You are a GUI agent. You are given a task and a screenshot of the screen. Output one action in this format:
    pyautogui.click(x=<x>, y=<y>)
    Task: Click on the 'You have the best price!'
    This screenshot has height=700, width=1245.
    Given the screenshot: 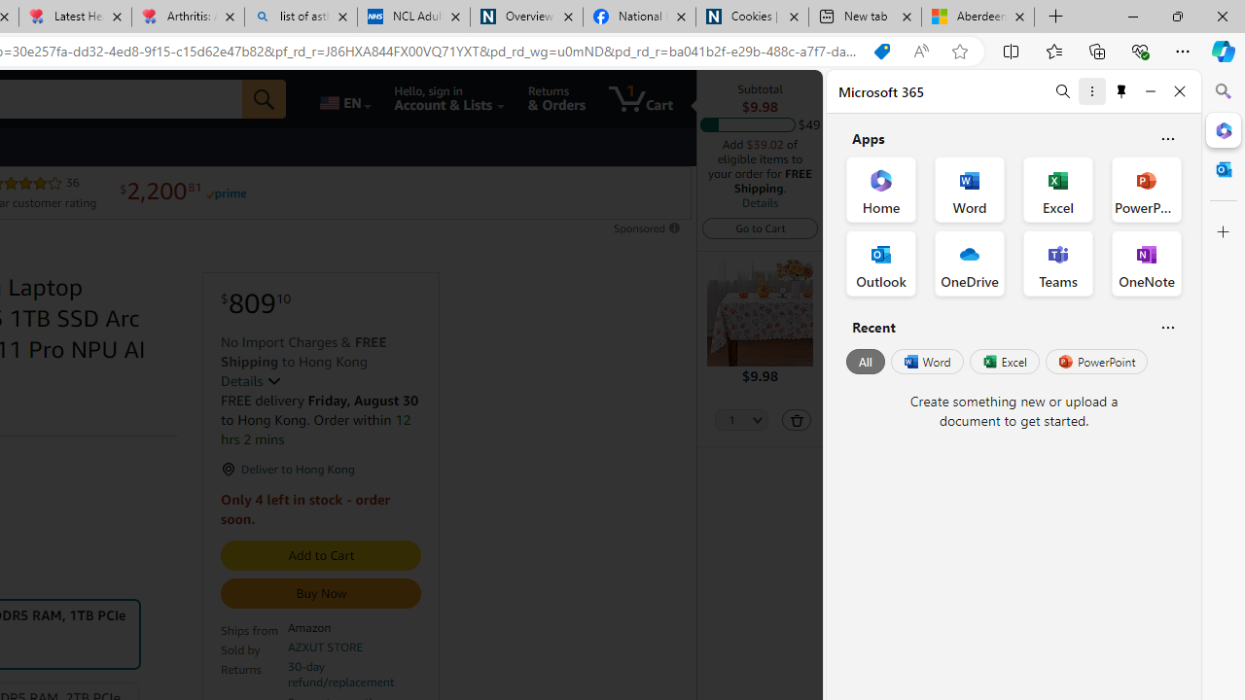 What is the action you would take?
    pyautogui.click(x=880, y=51)
    